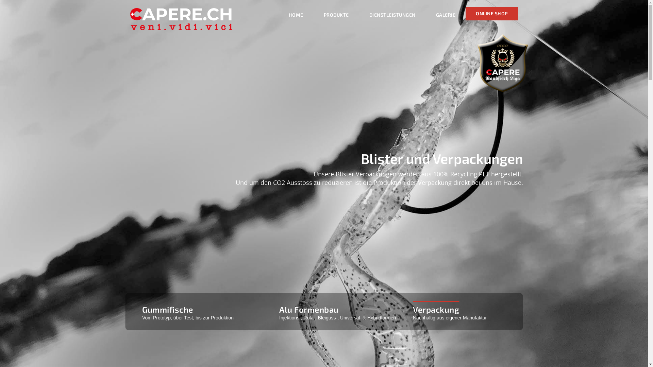 The height and width of the screenshot is (367, 653). Describe the element at coordinates (425, 15) in the screenshot. I see `'GALERIE'` at that location.